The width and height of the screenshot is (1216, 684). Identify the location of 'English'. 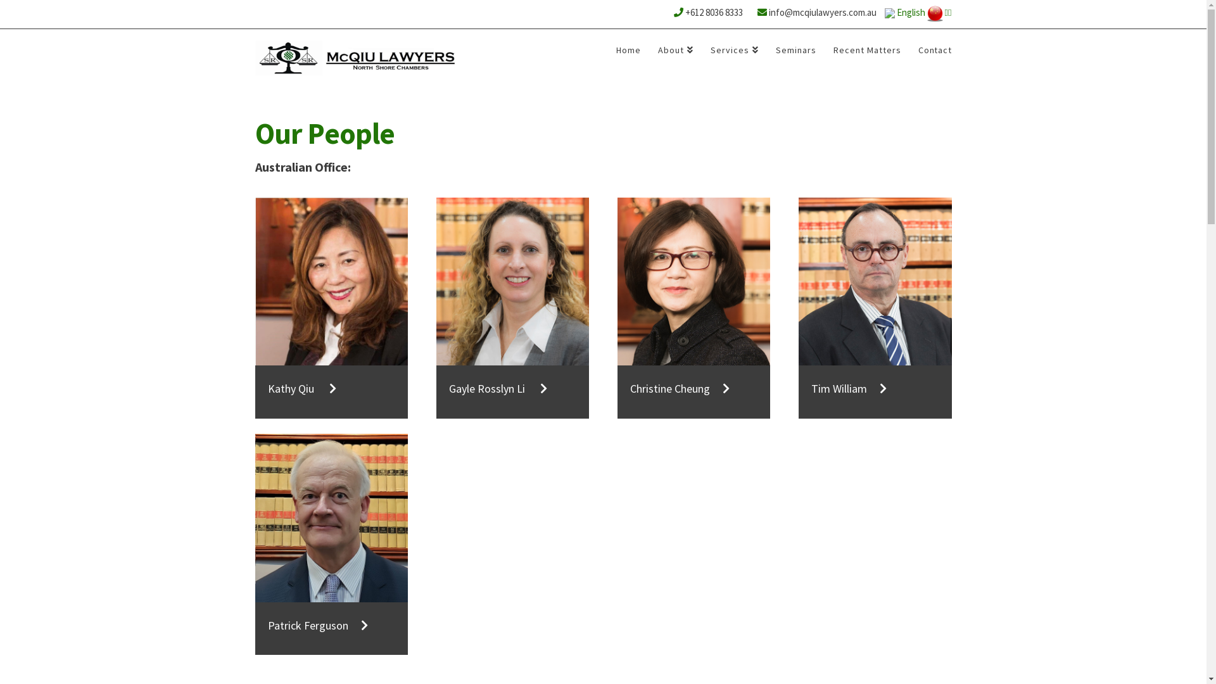
(883, 12).